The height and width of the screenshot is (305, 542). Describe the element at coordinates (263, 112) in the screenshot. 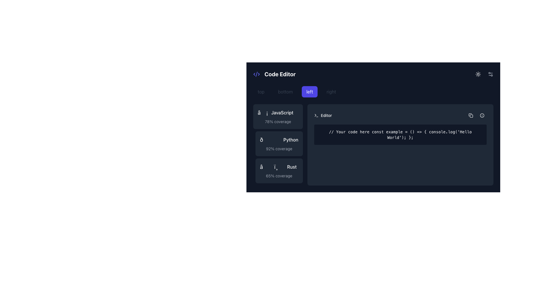

I see `the JavaScript module icon located to the left of the text 'JavaScript'` at that location.